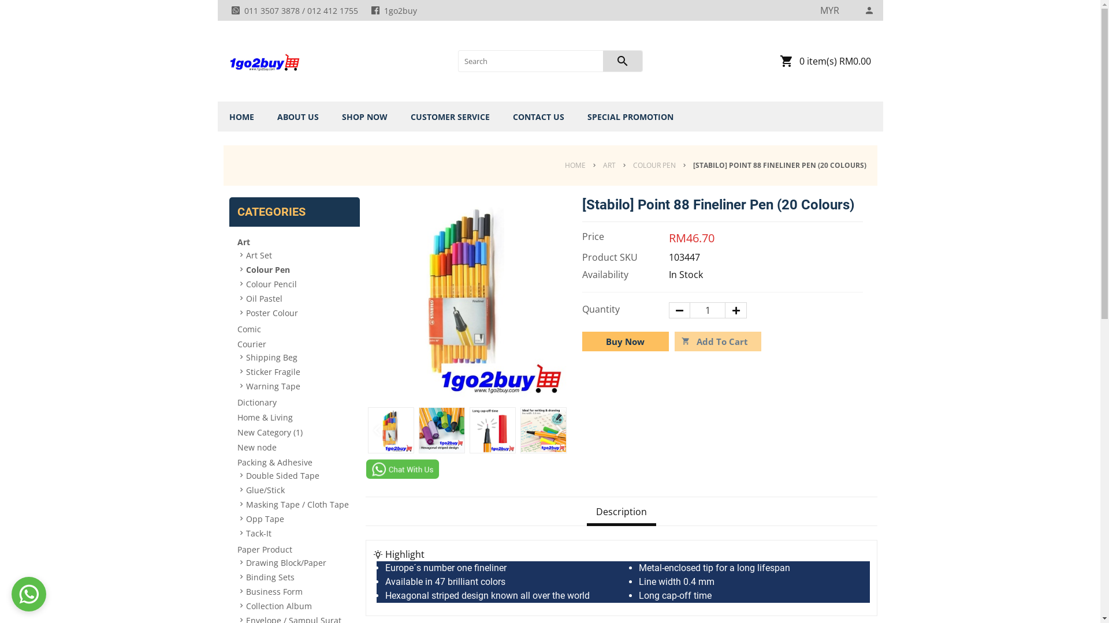 This screenshot has width=1109, height=623. What do you see at coordinates (654, 165) in the screenshot?
I see `'COLOUR PEN'` at bounding box center [654, 165].